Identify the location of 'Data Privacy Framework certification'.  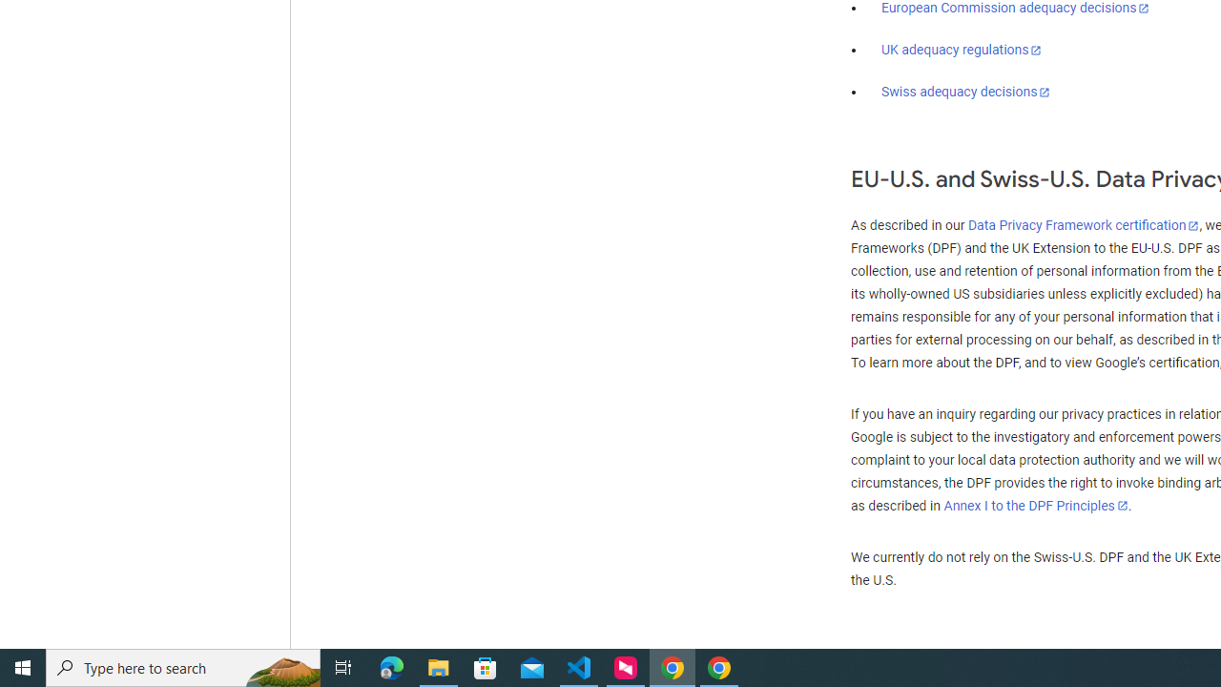
(1084, 225).